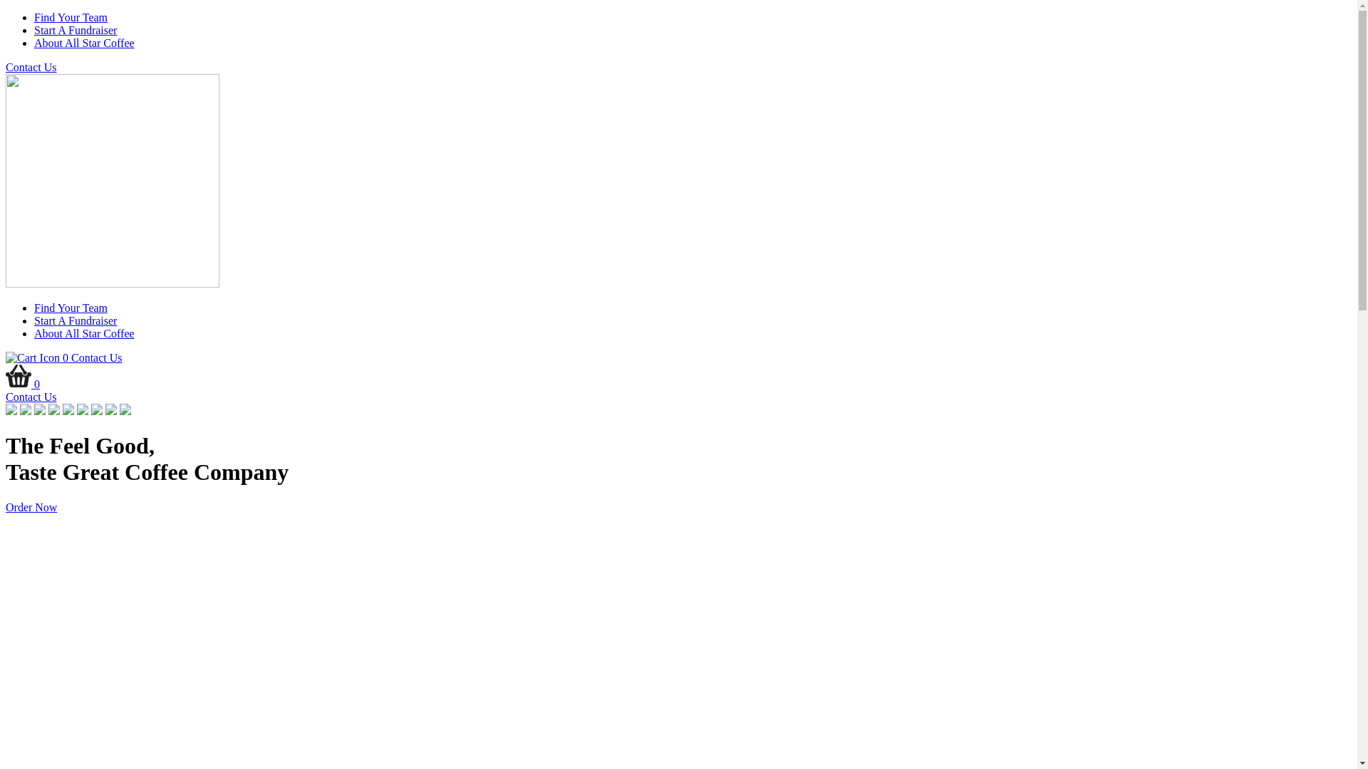  I want to click on 'Start A Fundraiser', so click(74, 30).